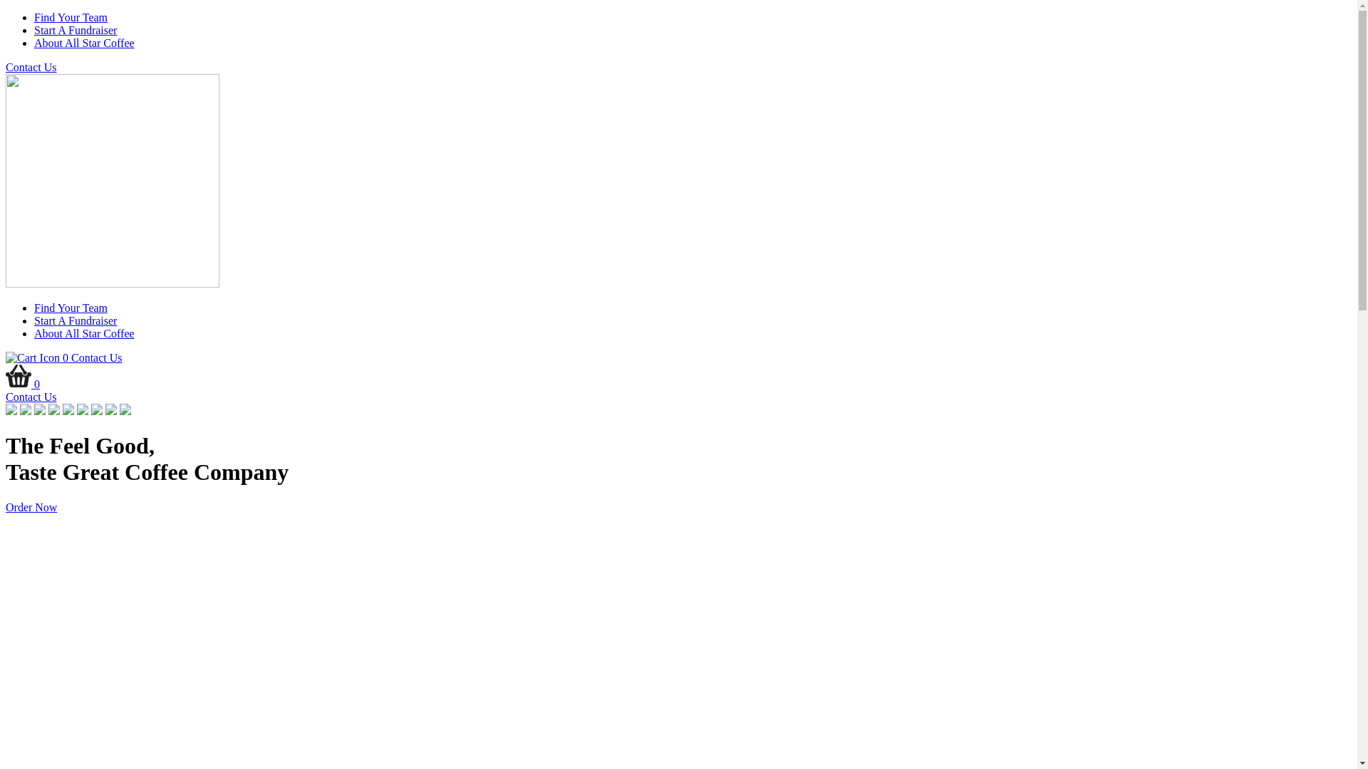  I want to click on 'Start A Fundraiser', so click(74, 30).